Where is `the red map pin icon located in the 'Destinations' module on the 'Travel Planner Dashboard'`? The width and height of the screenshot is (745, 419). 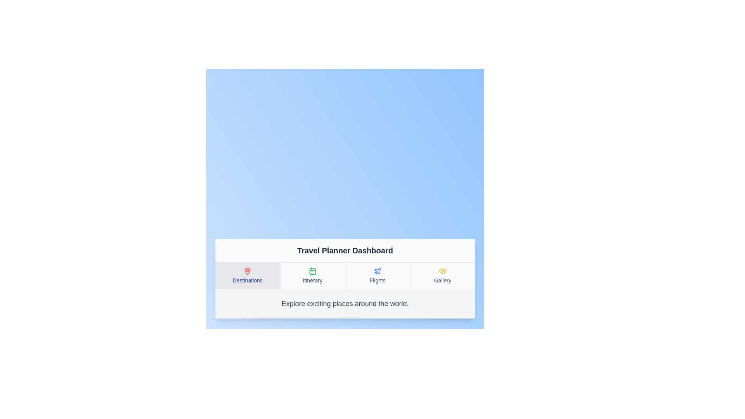
the red map pin icon located in the 'Destinations' module on the 'Travel Planner Dashboard' is located at coordinates (247, 270).